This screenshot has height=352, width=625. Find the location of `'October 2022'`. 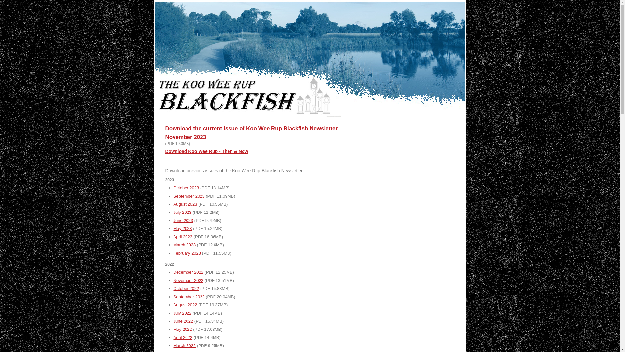

'October 2022' is located at coordinates (186, 288).